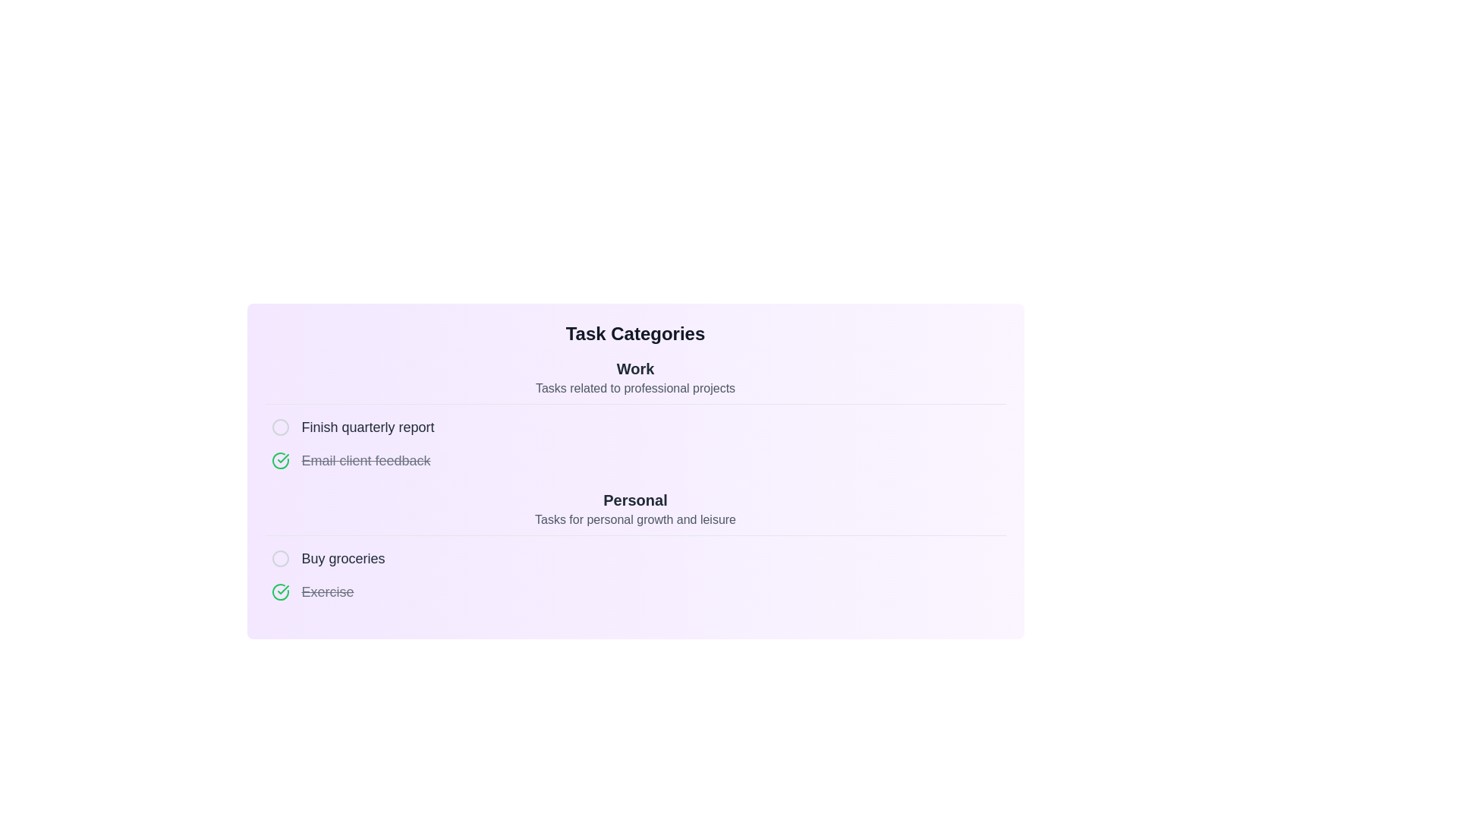 This screenshot has width=1457, height=820. I want to click on the circular checkbox adjacent to the text 'Finish quarterly report', so click(280, 427).